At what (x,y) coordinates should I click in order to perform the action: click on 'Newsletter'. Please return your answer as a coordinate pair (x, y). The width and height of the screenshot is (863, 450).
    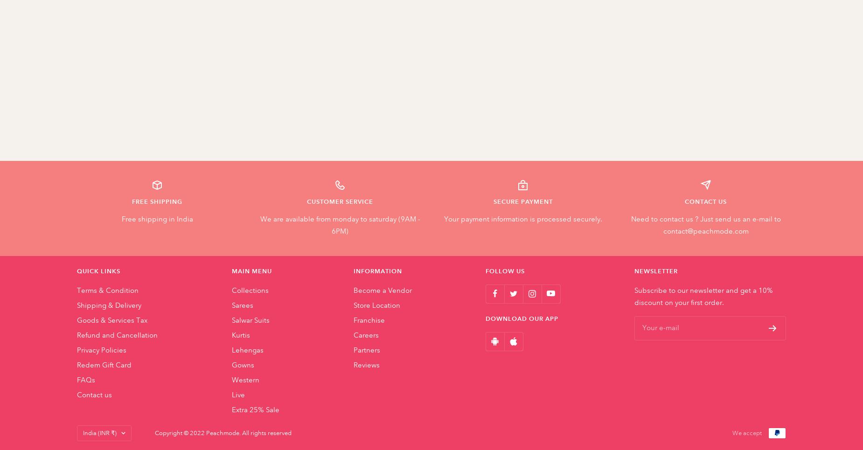
    Looking at the image, I should click on (656, 271).